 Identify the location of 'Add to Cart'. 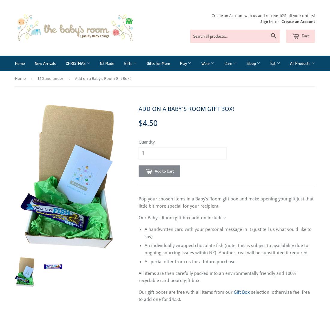
(164, 171).